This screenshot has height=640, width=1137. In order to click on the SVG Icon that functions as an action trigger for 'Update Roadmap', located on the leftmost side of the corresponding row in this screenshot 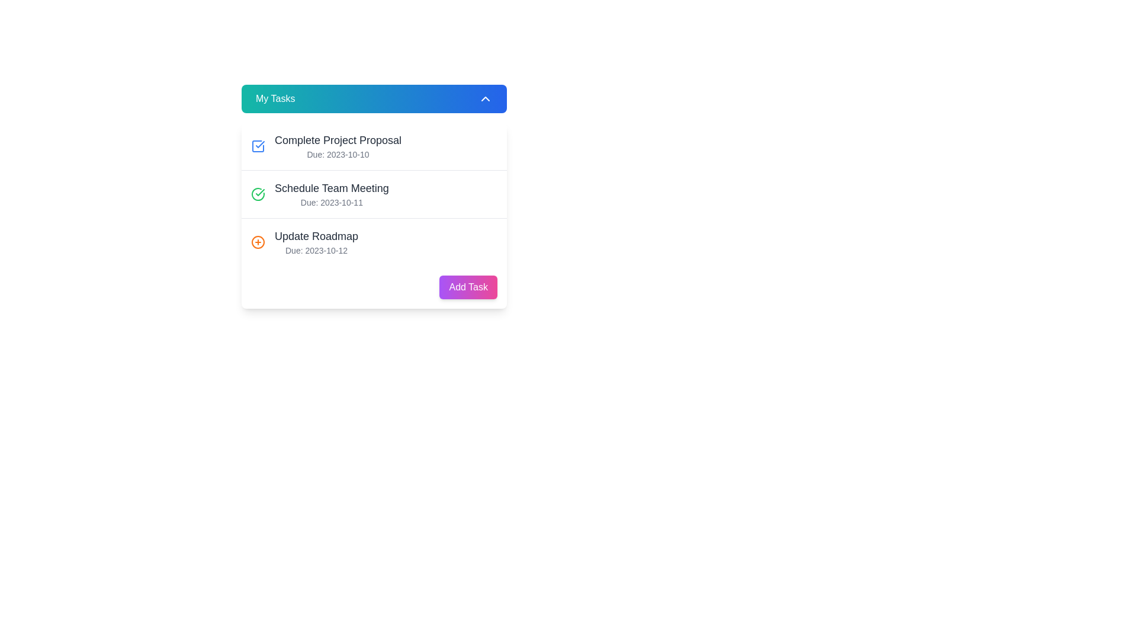, I will do `click(258, 241)`.